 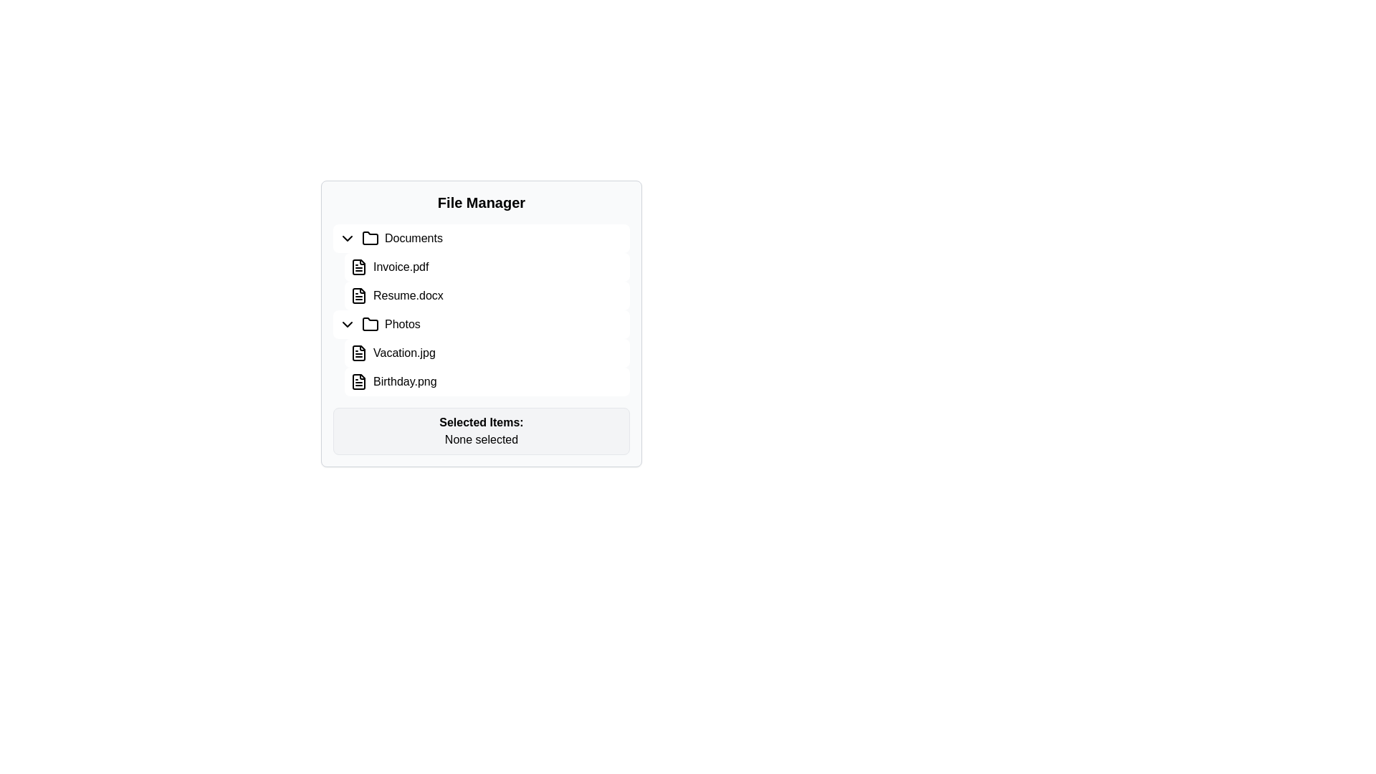 I want to click on the folder icon representing the 'Documents' directory in the file navigation interface, located at the top-left segment of the 'File Manager' UI, so click(x=371, y=237).